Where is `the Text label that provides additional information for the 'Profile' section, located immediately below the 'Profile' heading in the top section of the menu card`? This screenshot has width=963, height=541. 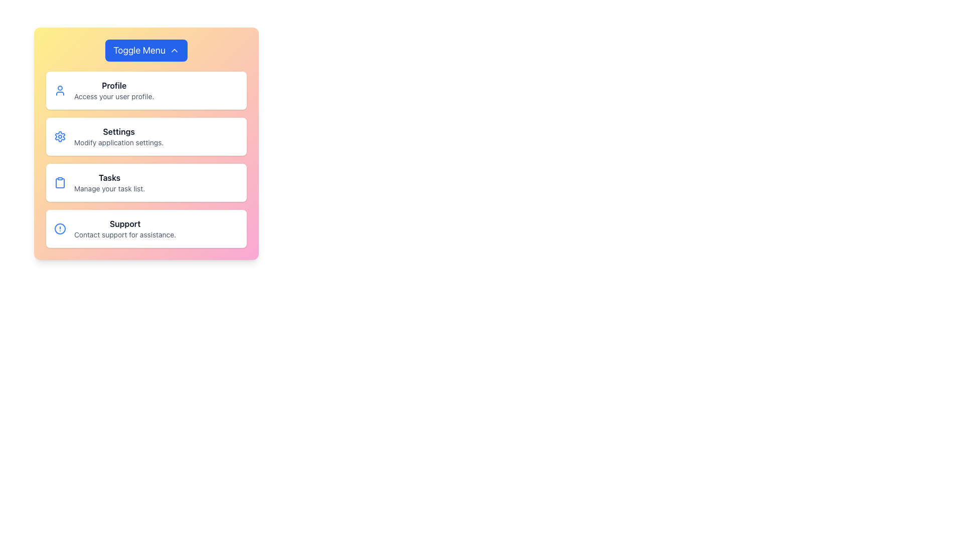 the Text label that provides additional information for the 'Profile' section, located immediately below the 'Profile' heading in the top section of the menu card is located at coordinates (114, 96).